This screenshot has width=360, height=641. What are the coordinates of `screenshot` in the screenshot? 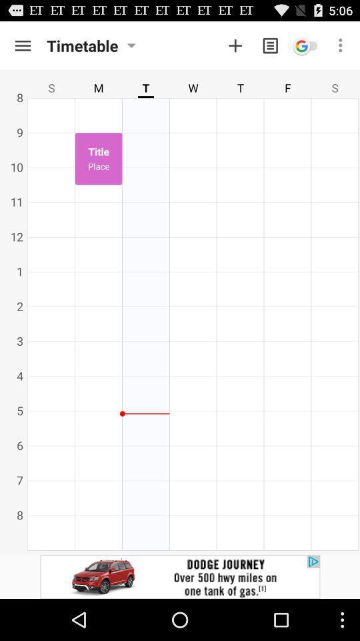 It's located at (235, 45).